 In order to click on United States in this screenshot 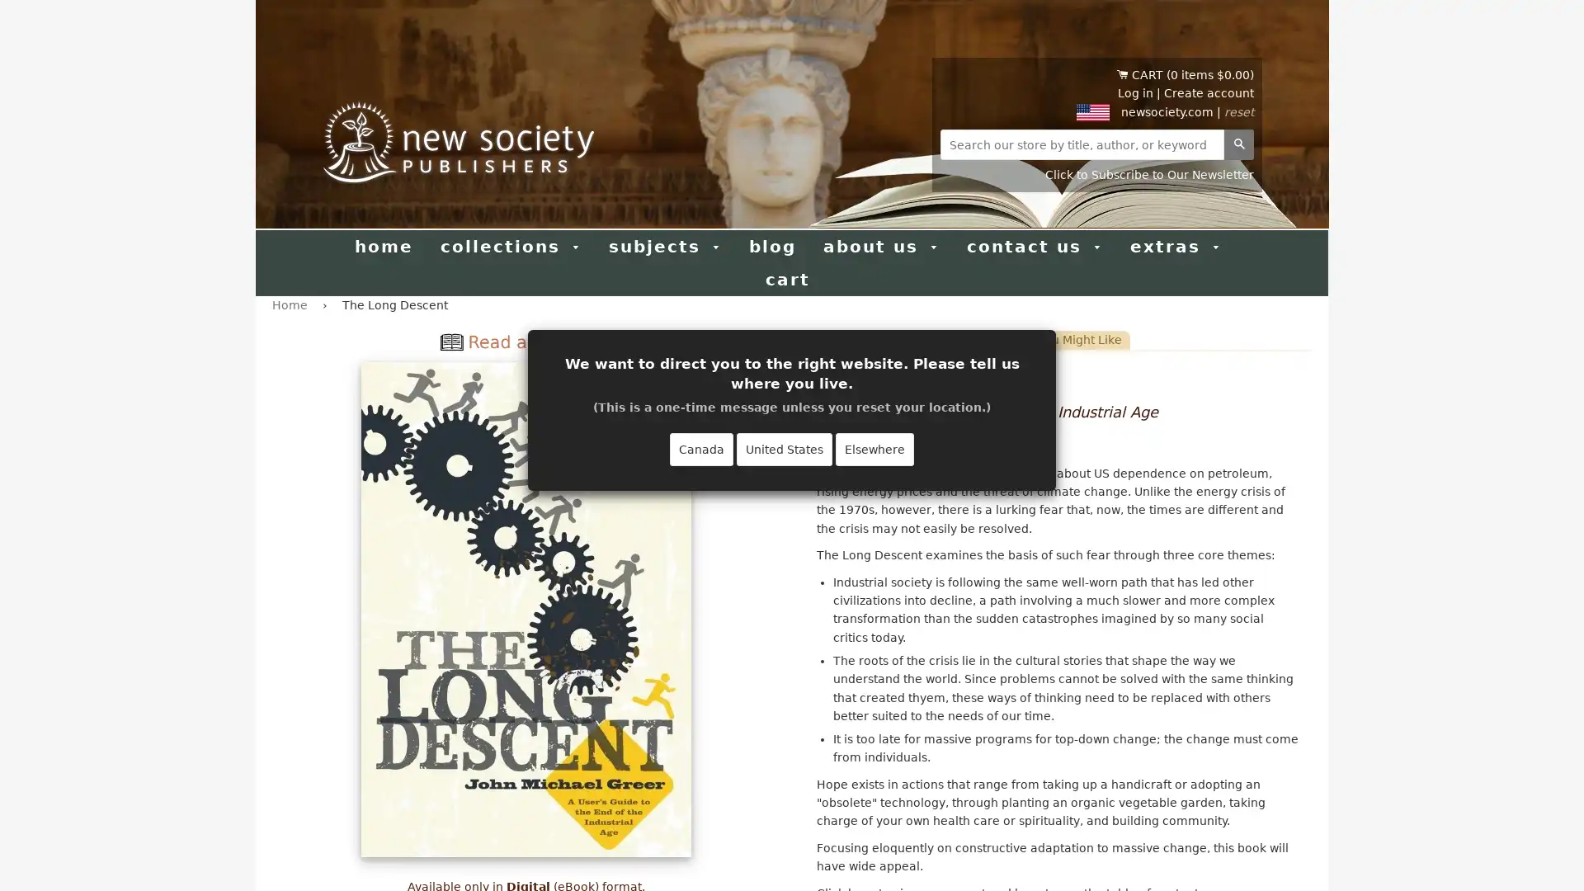, I will do `click(783, 449)`.